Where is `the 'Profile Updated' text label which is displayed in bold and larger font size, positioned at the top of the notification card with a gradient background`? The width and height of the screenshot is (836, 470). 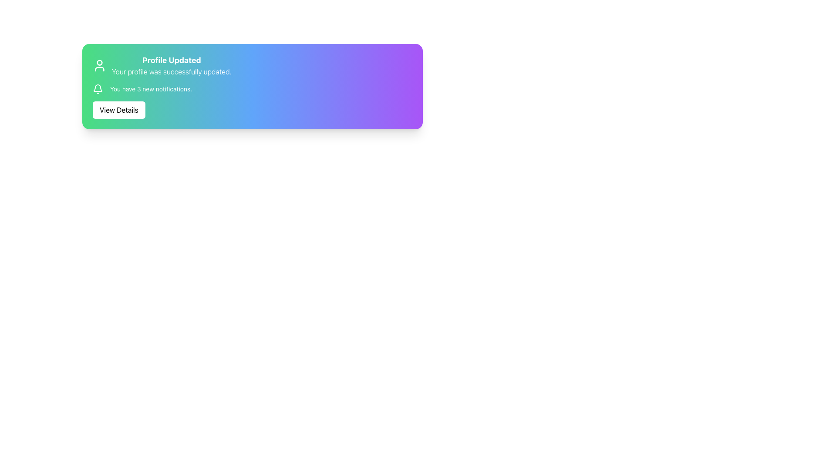 the 'Profile Updated' text label which is displayed in bold and larger font size, positioned at the top of the notification card with a gradient background is located at coordinates (172, 60).